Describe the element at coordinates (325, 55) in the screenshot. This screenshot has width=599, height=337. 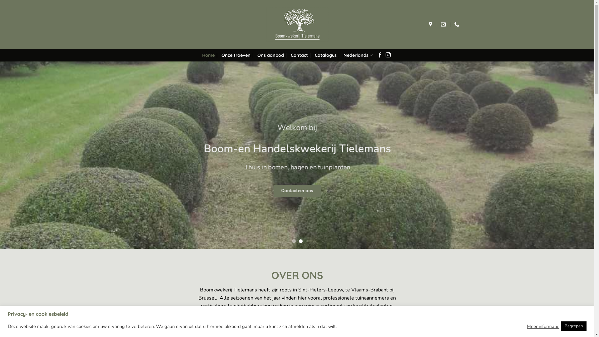
I see `'Catalogus'` at that location.